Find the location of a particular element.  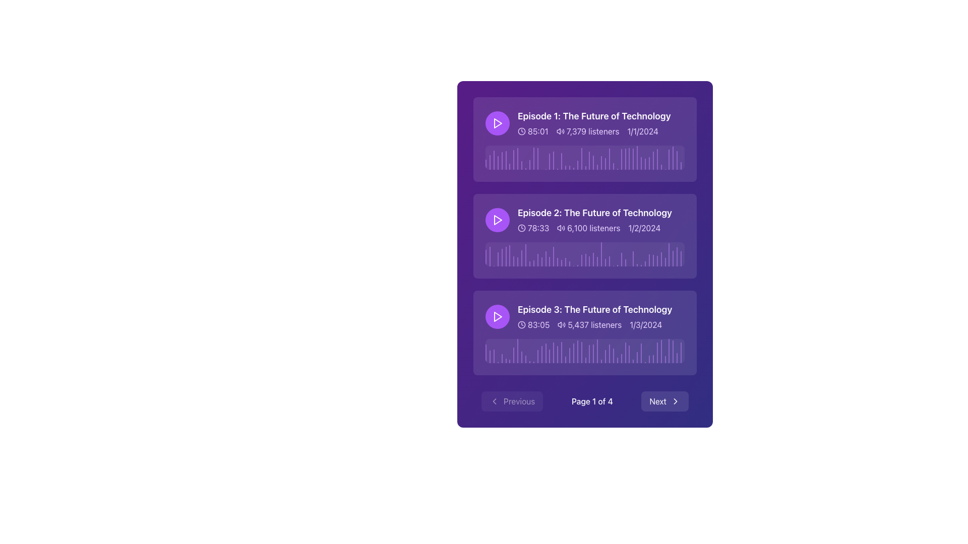

the state indicator icon representing 'paused' or 'playing' located in the top-leftmost card next to 'Episode 1: The Future of Technology' is located at coordinates (498, 123).